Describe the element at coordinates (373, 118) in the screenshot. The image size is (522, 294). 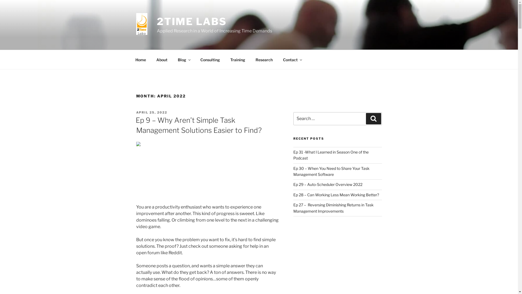
I see `'Search'` at that location.